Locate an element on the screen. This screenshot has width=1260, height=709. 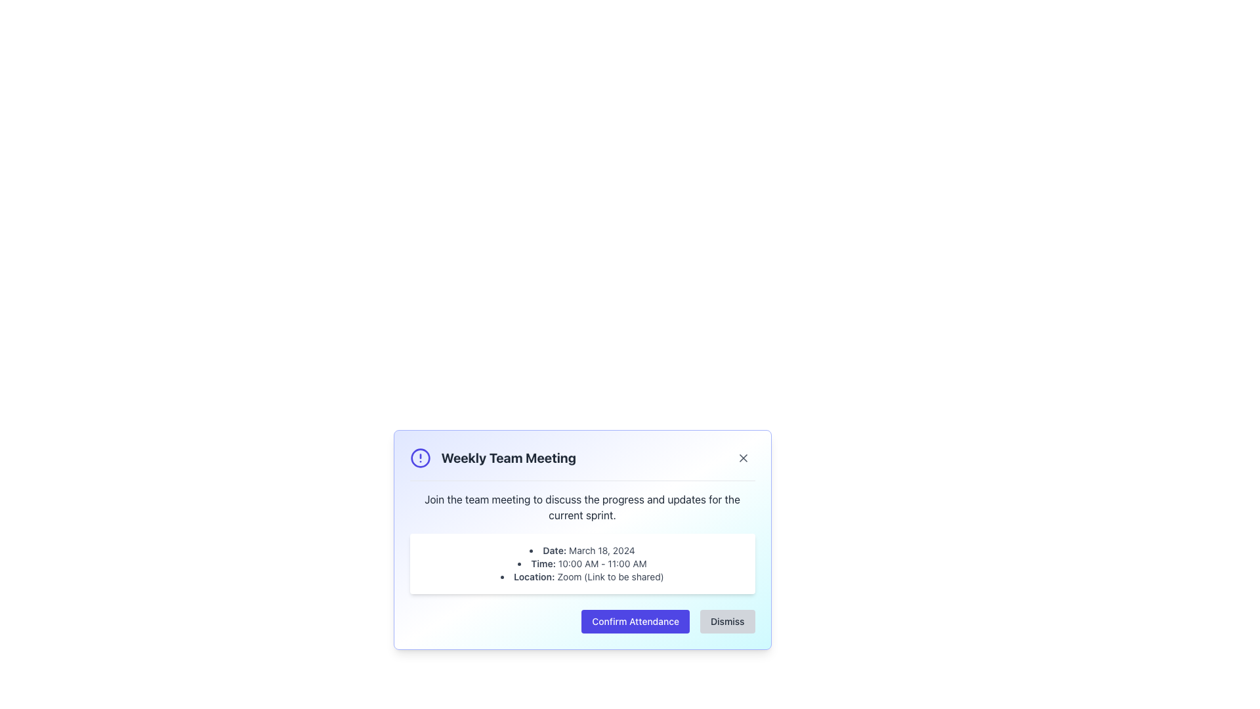
the bolded text label displaying 'Time:' which is located under the 'Date' line in the meeting details dialog box is located at coordinates (543, 563).